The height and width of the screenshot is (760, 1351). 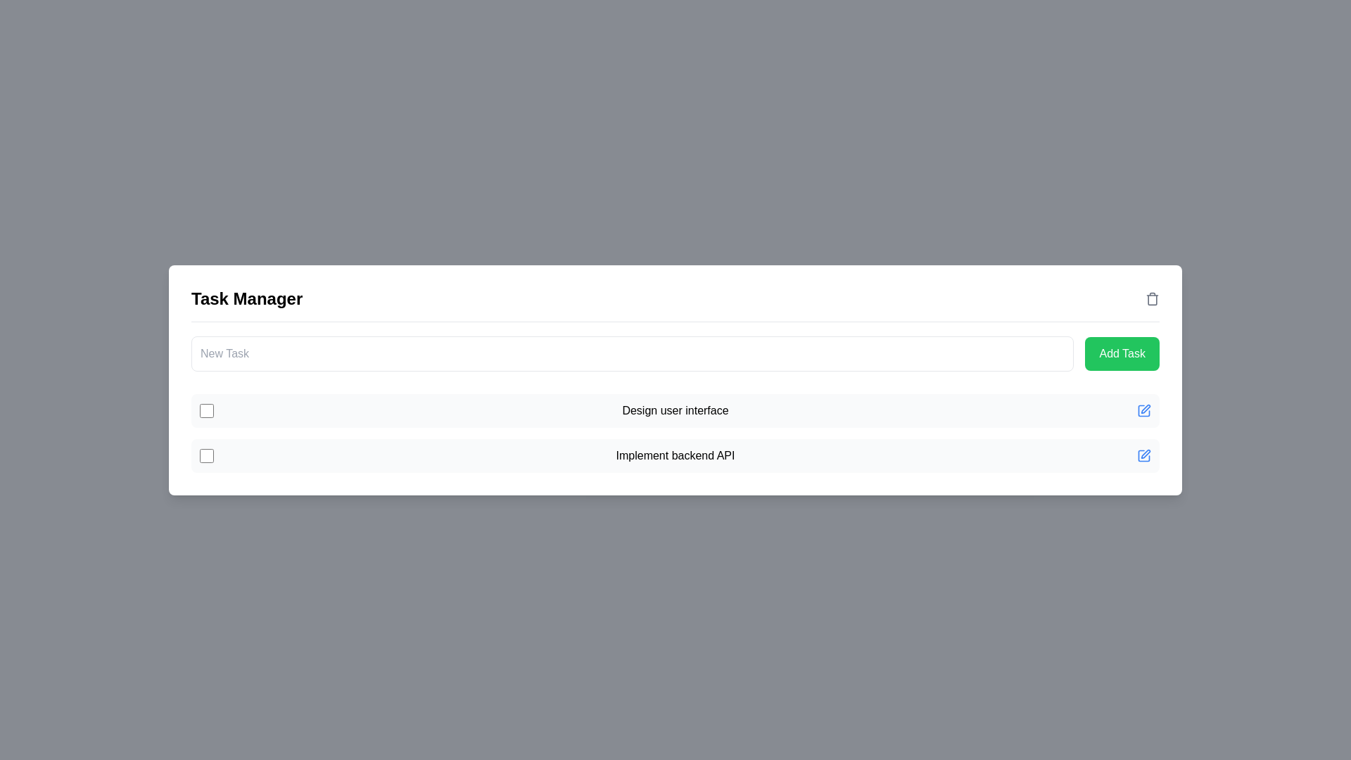 What do you see at coordinates (1152, 298) in the screenshot?
I see `the trash can icon button located in the top-right corner of the 'Task Manager' header bar, which changes color on hover` at bounding box center [1152, 298].